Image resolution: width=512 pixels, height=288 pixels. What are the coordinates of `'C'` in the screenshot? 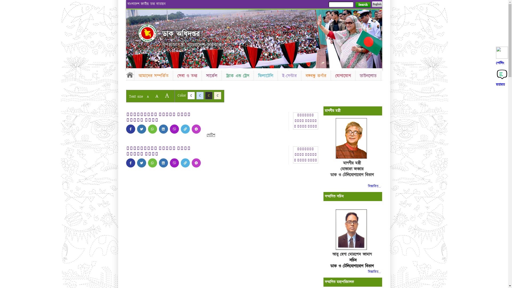 It's located at (187, 95).